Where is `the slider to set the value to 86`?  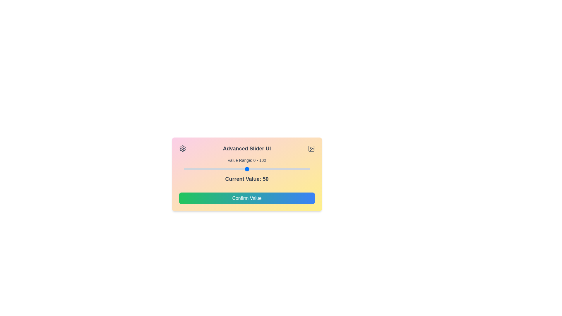 the slider to set the value to 86 is located at coordinates (292, 169).